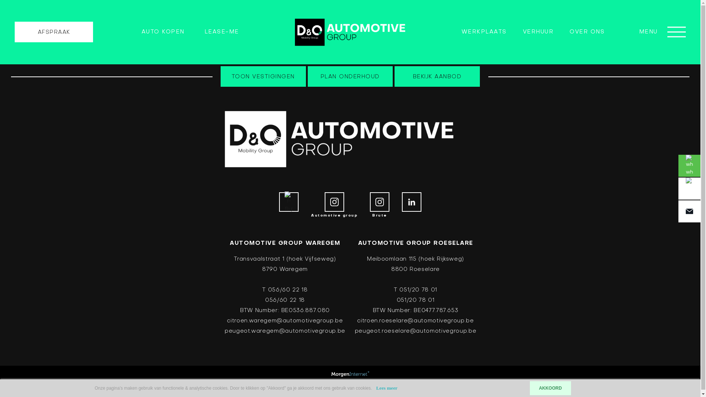  Describe the element at coordinates (484, 32) in the screenshot. I see `'WERKPLAATS'` at that location.